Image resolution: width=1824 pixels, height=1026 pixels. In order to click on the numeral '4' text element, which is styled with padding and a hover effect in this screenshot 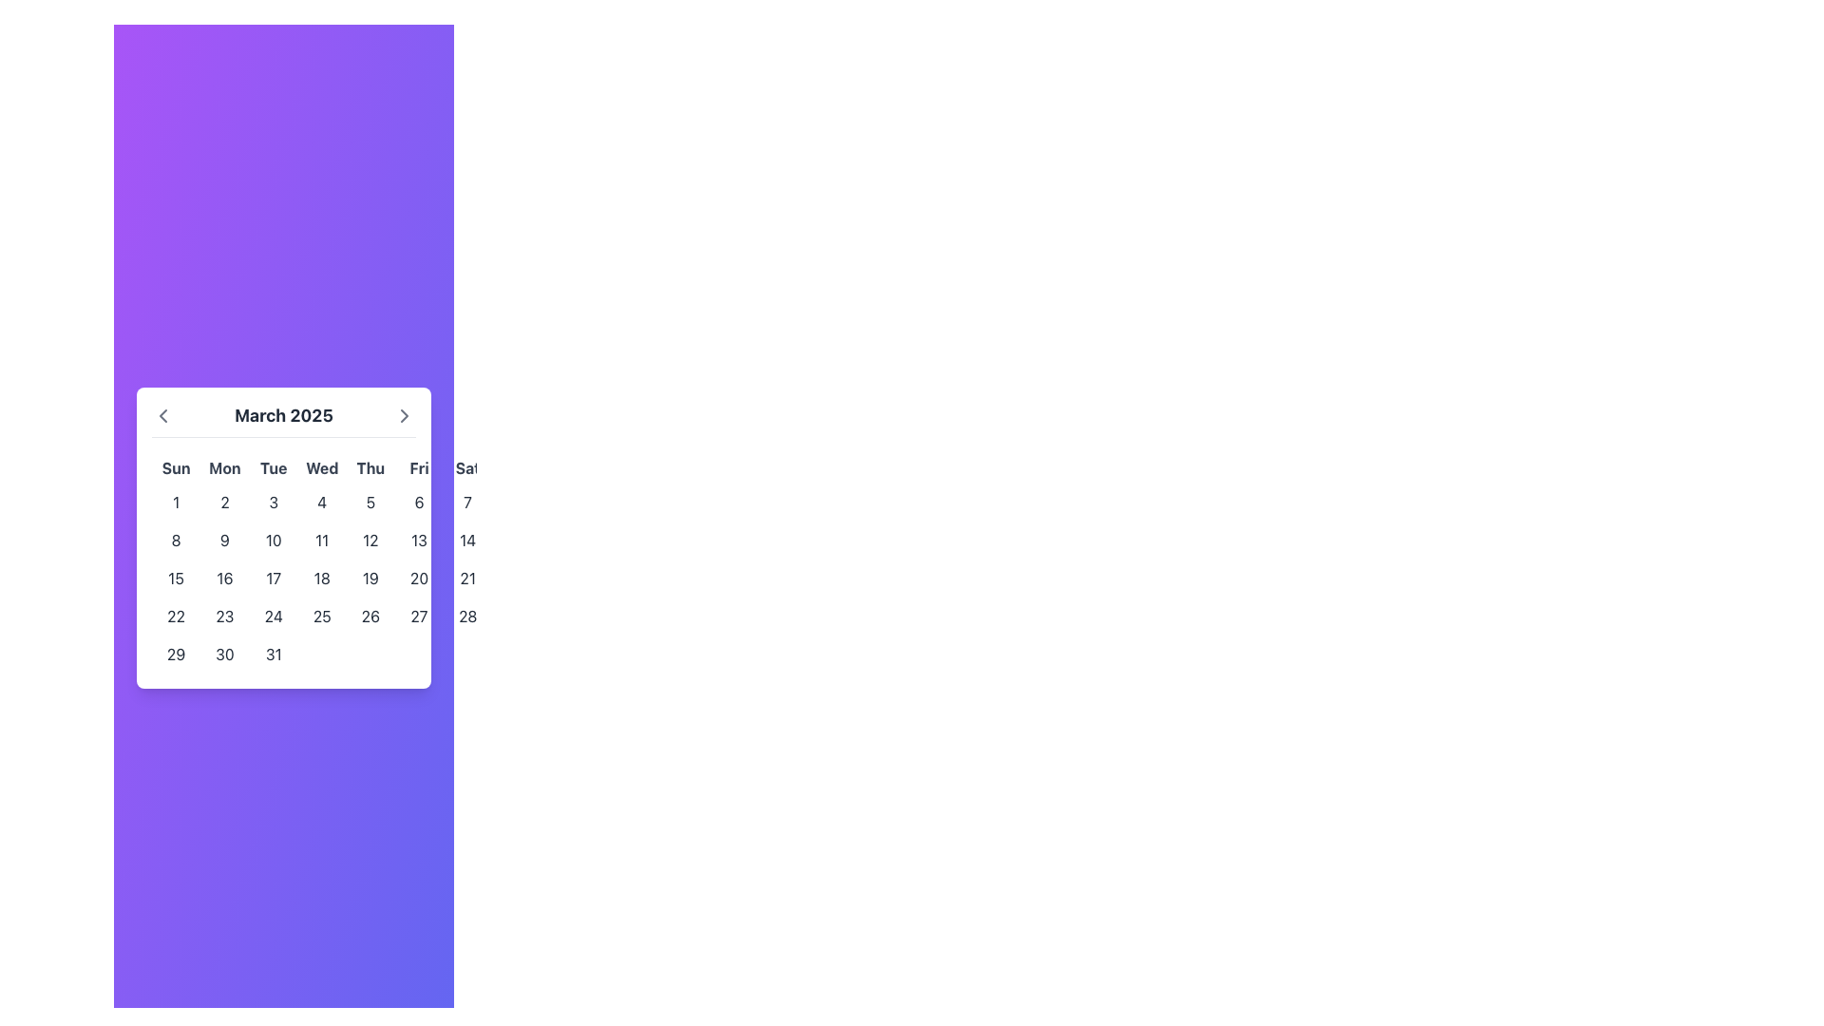, I will do `click(322, 501)`.